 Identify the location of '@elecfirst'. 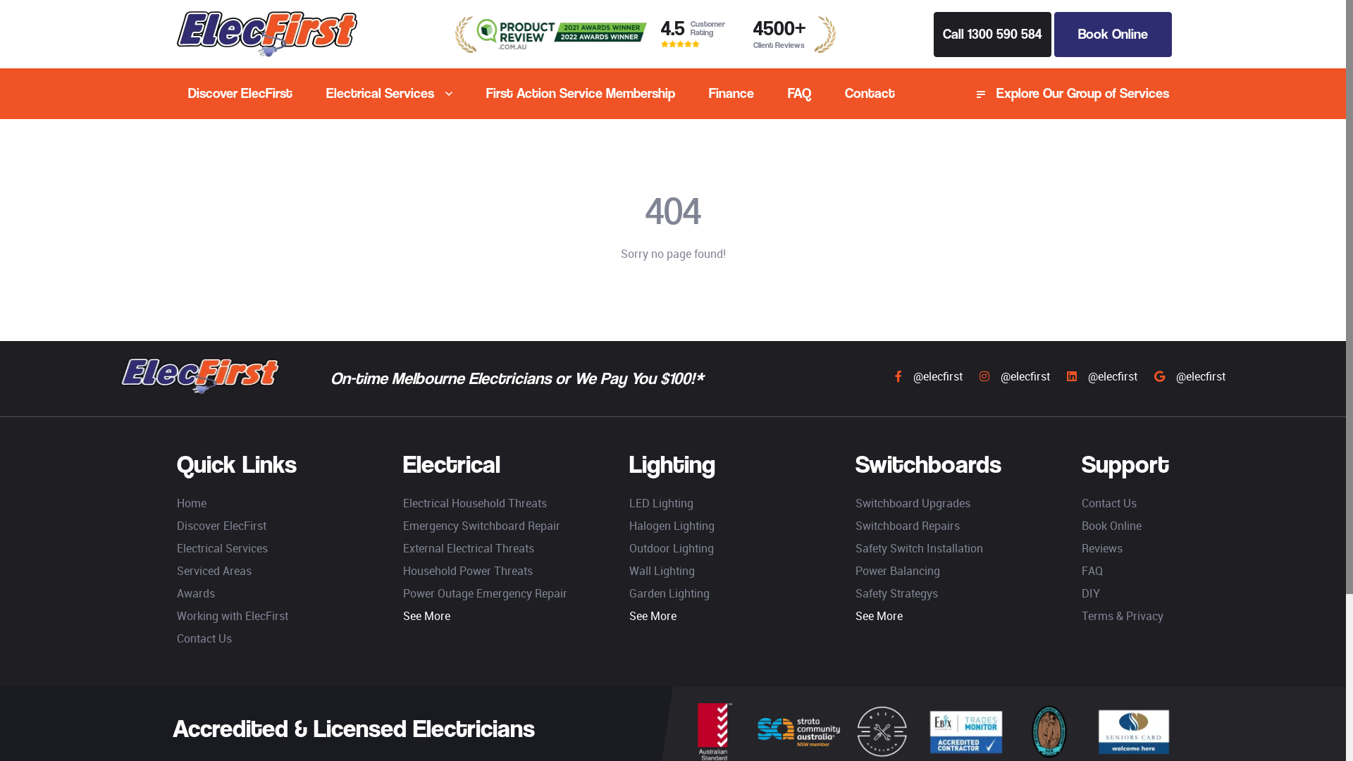
(1189, 375).